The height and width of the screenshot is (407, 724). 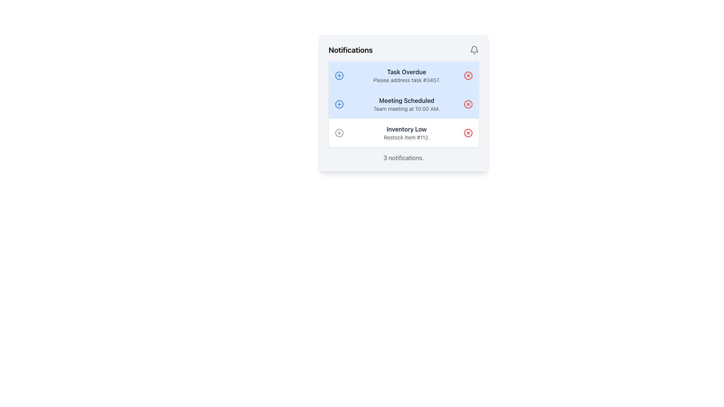 I want to click on text from the 'Meeting Scheduled' label, which is a bold dark gray text centrally aligned in the second notification of the panel, so click(x=406, y=100).